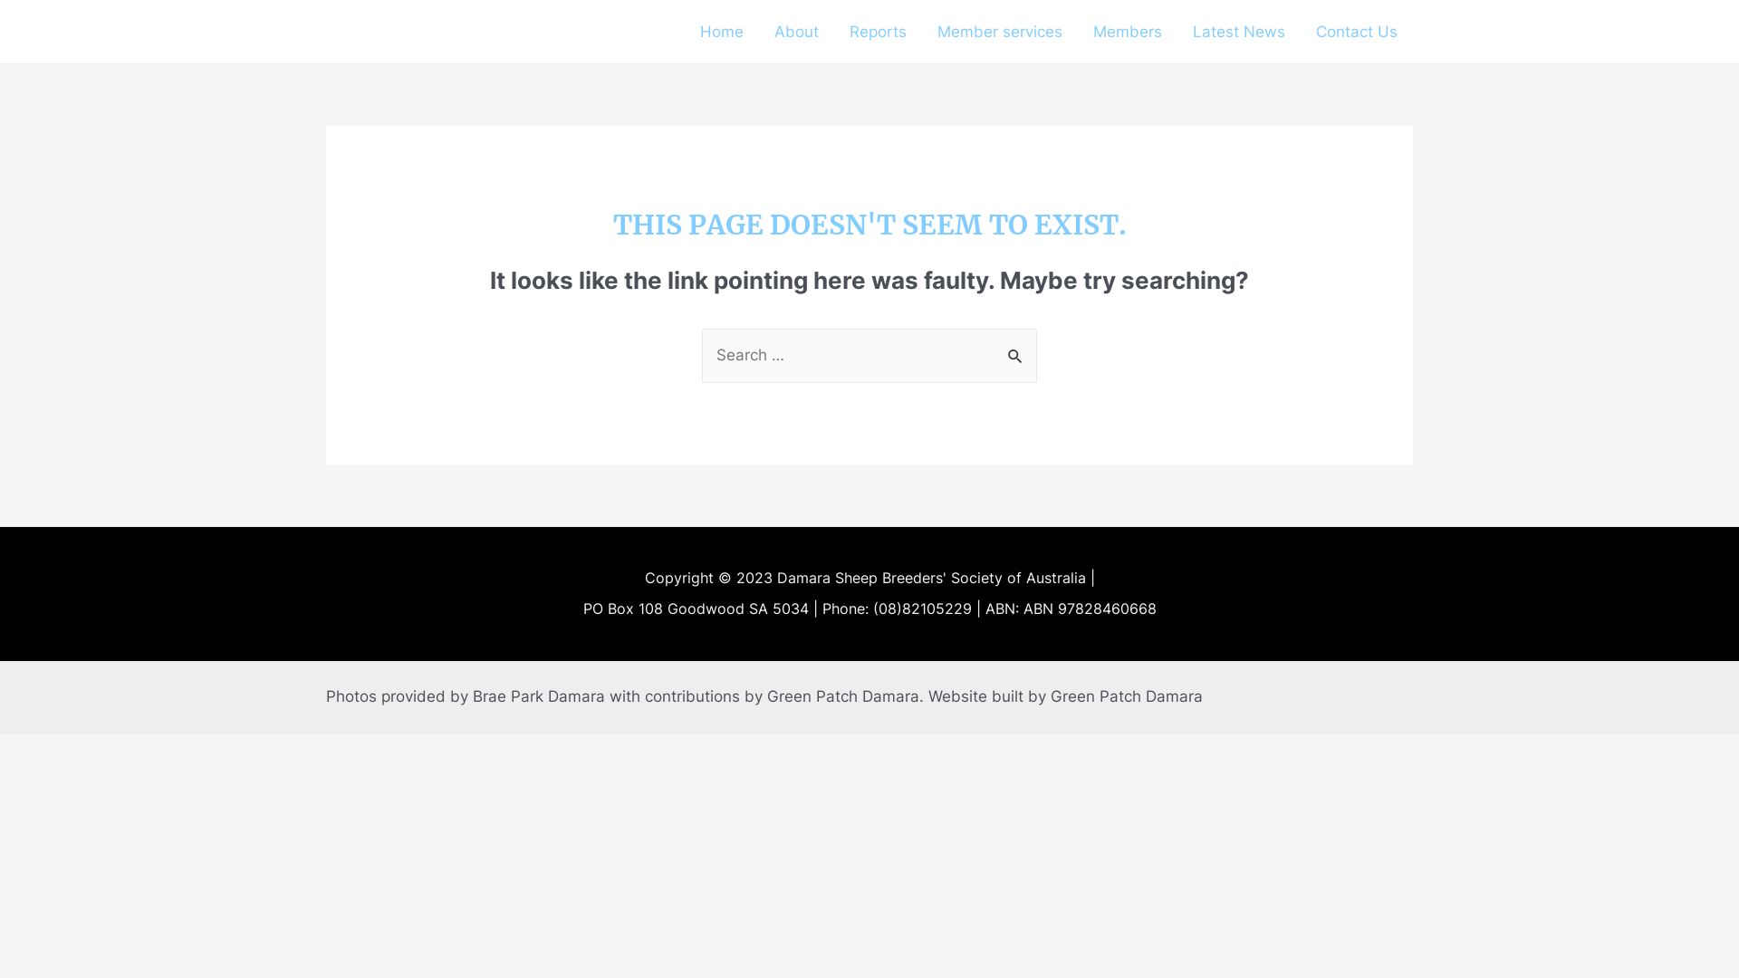  I want to click on 'Reports', so click(878, 31).